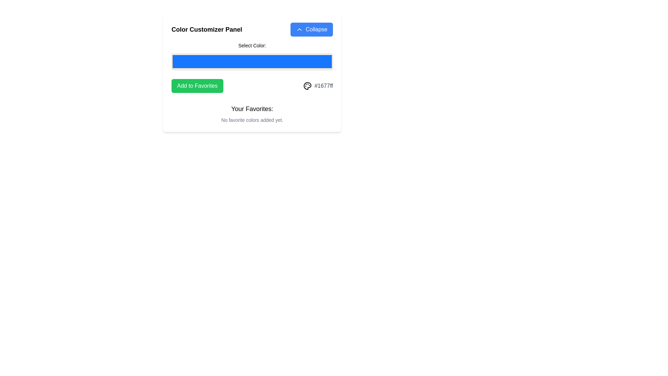  What do you see at coordinates (252, 119) in the screenshot?
I see `the text element that reads 'No favorite colors added yet.' which is styled in gray and positioned beneath 'Your Favorites'` at bounding box center [252, 119].